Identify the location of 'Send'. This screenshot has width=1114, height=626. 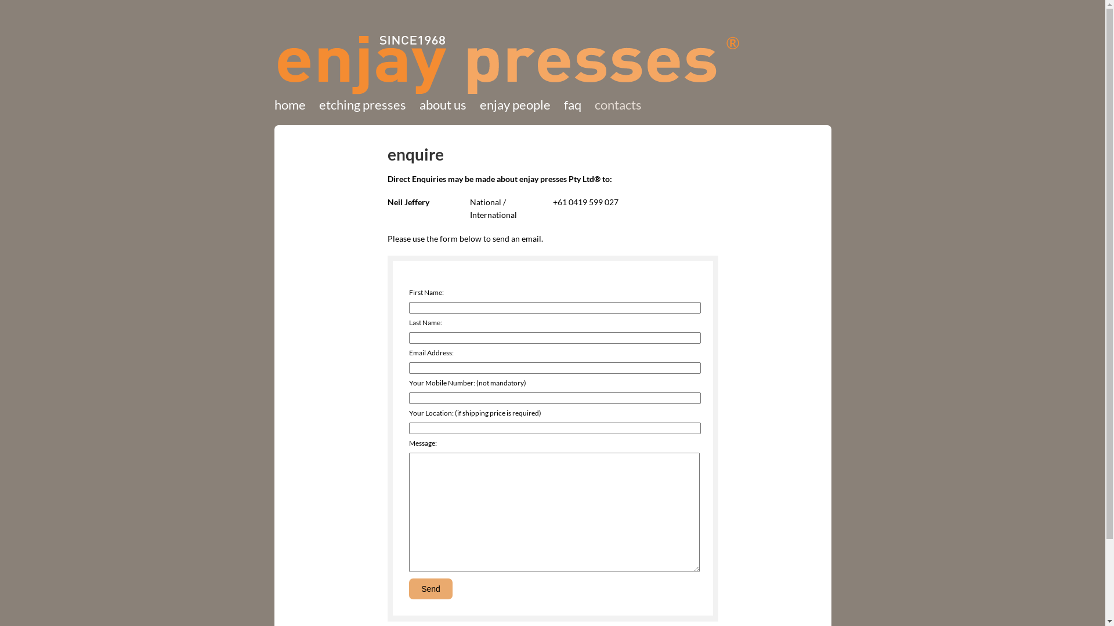
(430, 588).